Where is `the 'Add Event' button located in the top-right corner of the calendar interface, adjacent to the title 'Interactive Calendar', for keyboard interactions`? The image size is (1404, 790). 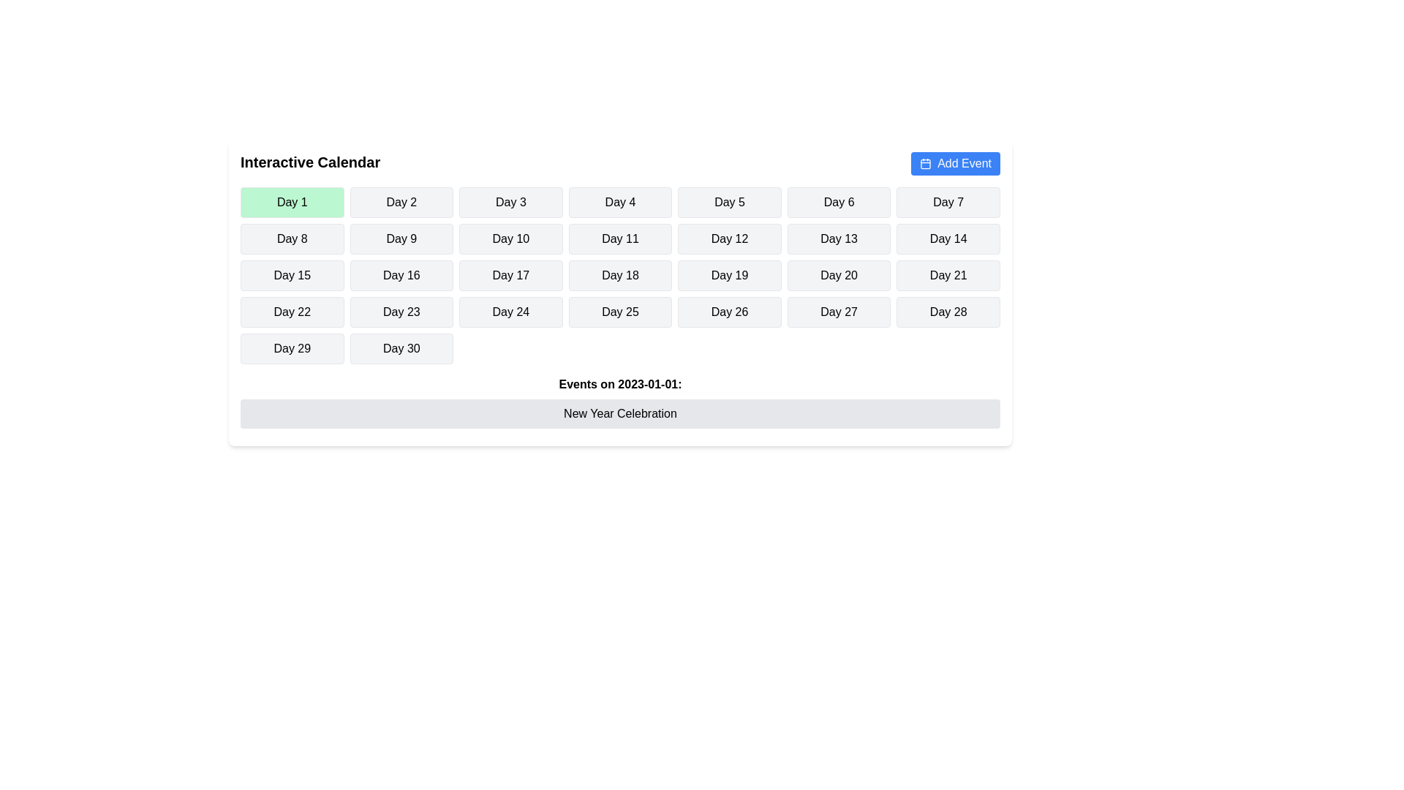 the 'Add Event' button located in the top-right corner of the calendar interface, adjacent to the title 'Interactive Calendar', for keyboard interactions is located at coordinates (956, 163).